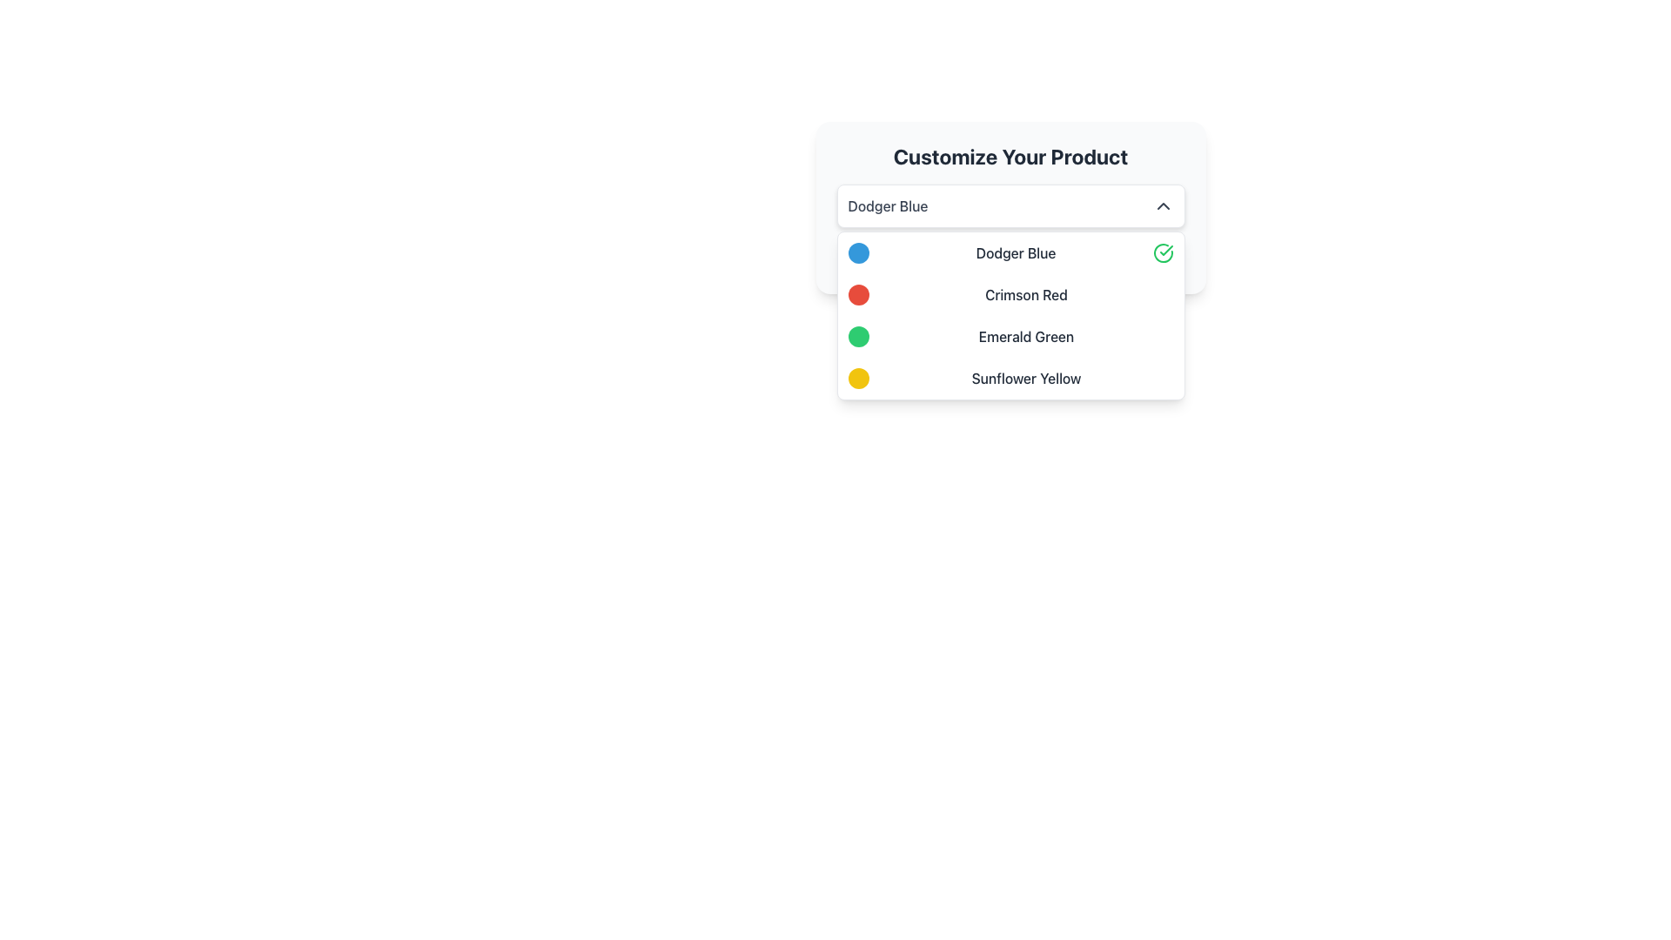 This screenshot has height=940, width=1671. Describe the element at coordinates (858, 252) in the screenshot. I see `the Color indicator that visually represents 'Dodger Blue' in the color selection interface, positioned at the far left adjacent to the text 'Dodger Blue'` at that location.